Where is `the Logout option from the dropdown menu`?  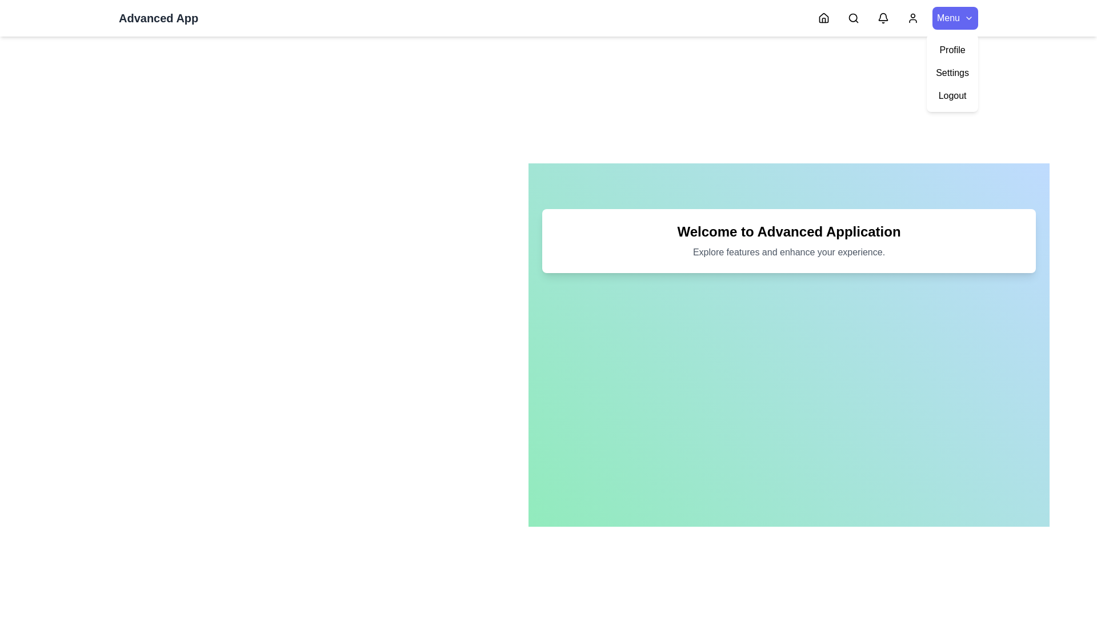 the Logout option from the dropdown menu is located at coordinates (952, 95).